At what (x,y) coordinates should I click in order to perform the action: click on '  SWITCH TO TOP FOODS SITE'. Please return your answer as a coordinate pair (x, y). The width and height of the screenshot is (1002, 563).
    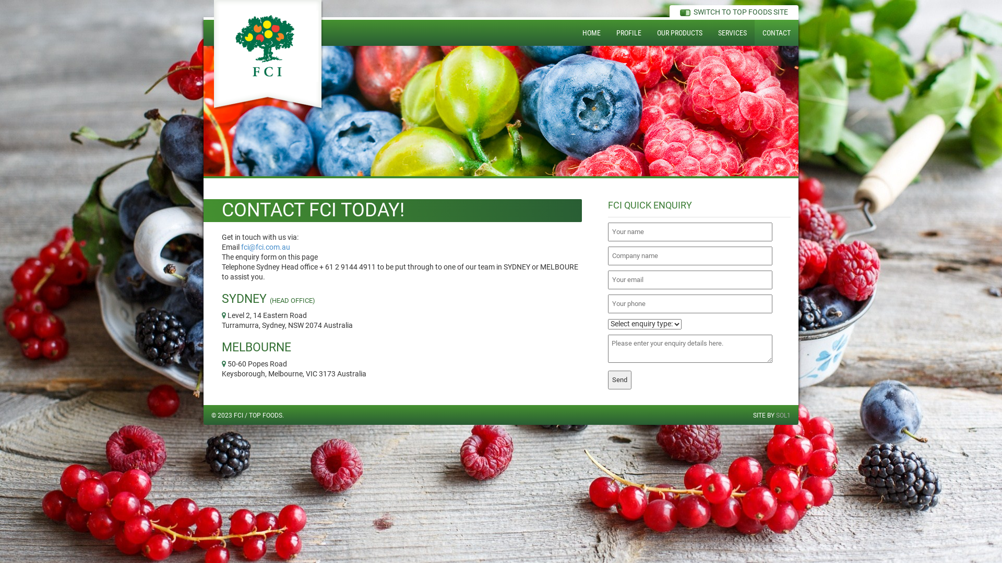
    Looking at the image, I should click on (679, 12).